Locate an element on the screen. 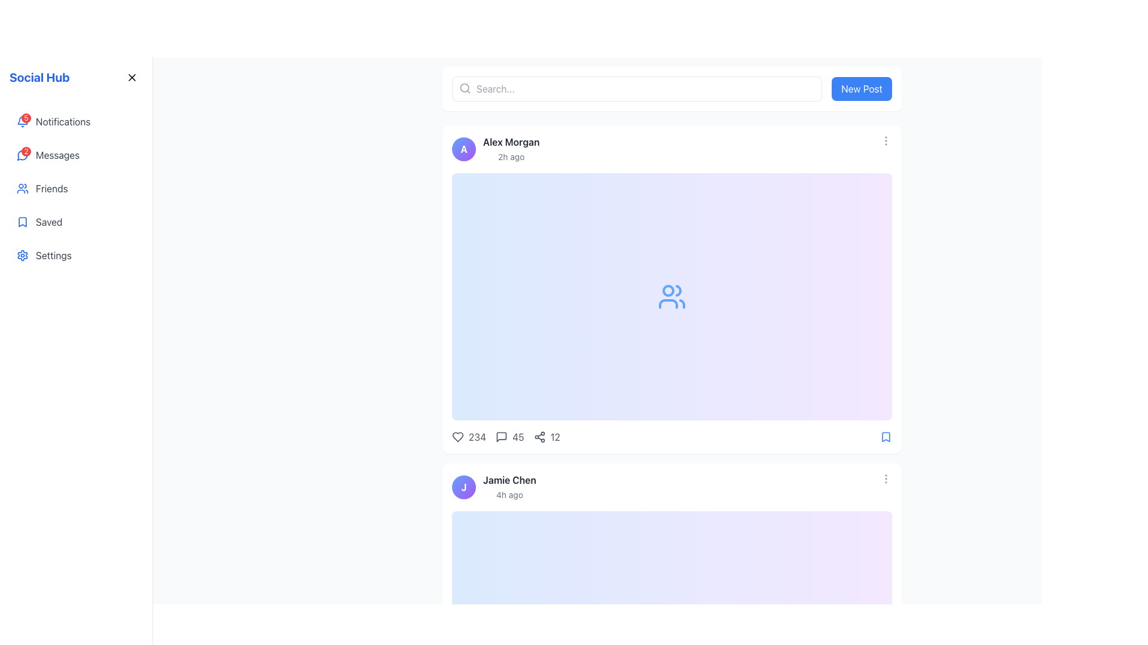 This screenshot has height=645, width=1148. the 'Saved' icon located in the sidebar navigation menu, which is the fourth item from the top, to visually represent the 'Saved' feature is located at coordinates (23, 222).